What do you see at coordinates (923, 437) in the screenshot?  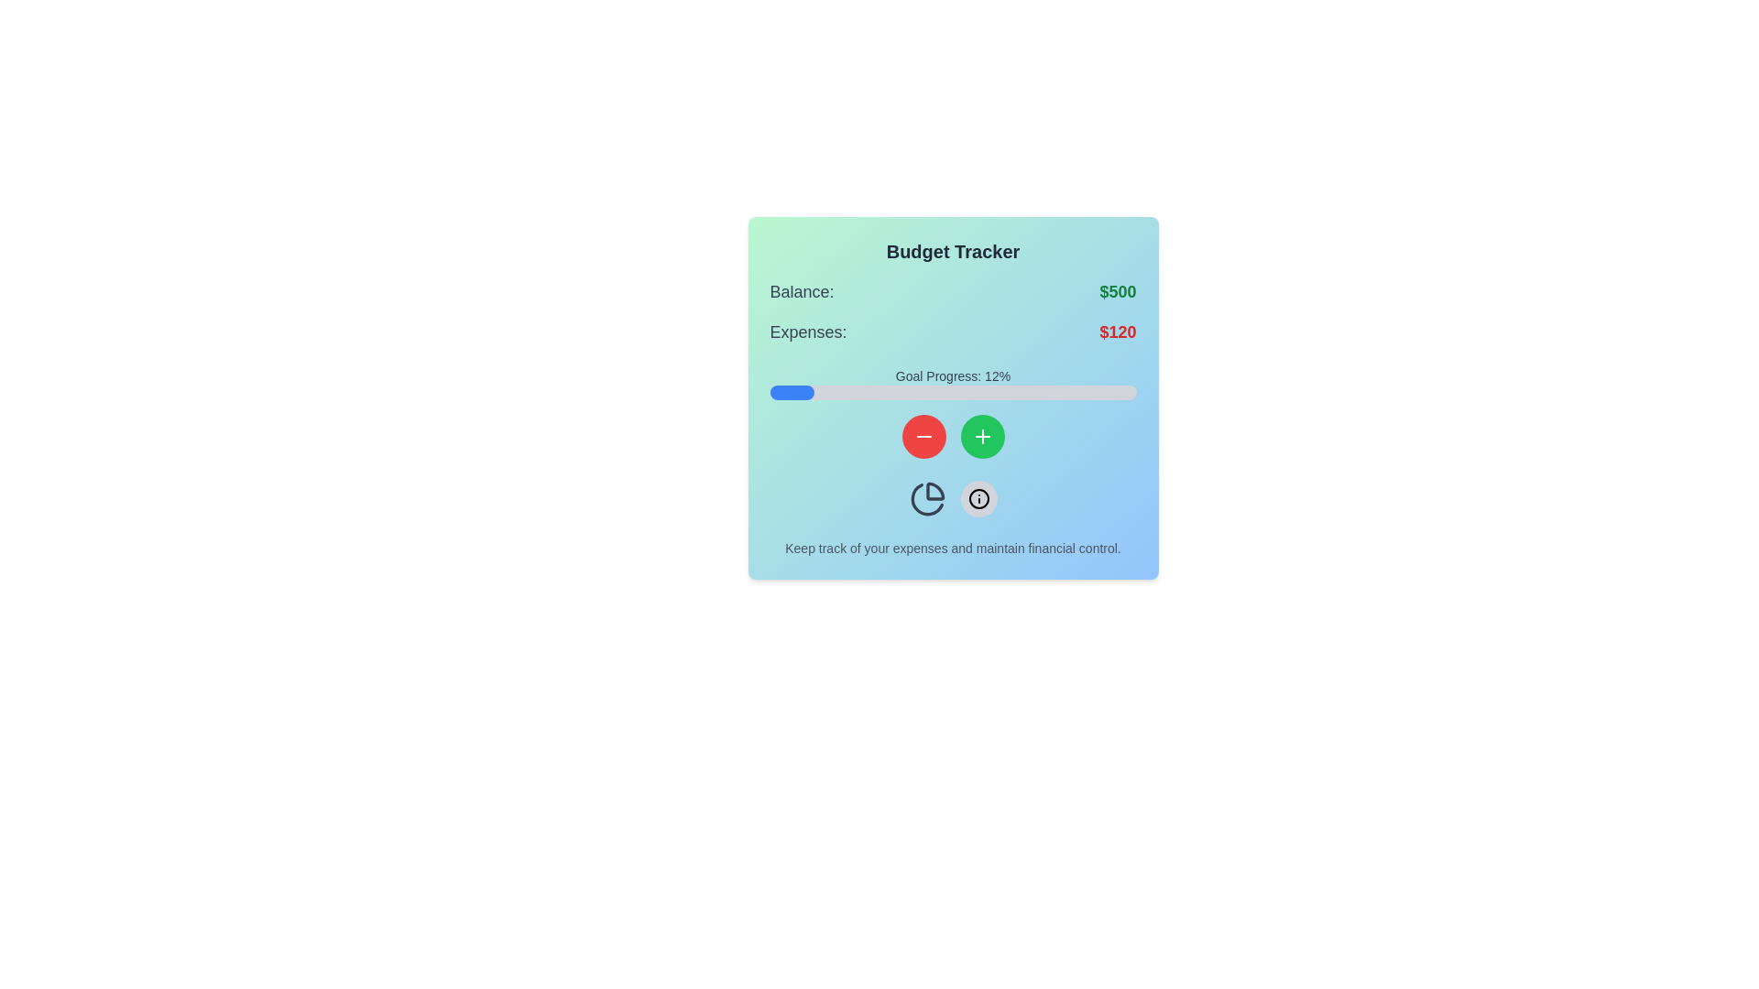 I see `the circular red button with a minus icon` at bounding box center [923, 437].